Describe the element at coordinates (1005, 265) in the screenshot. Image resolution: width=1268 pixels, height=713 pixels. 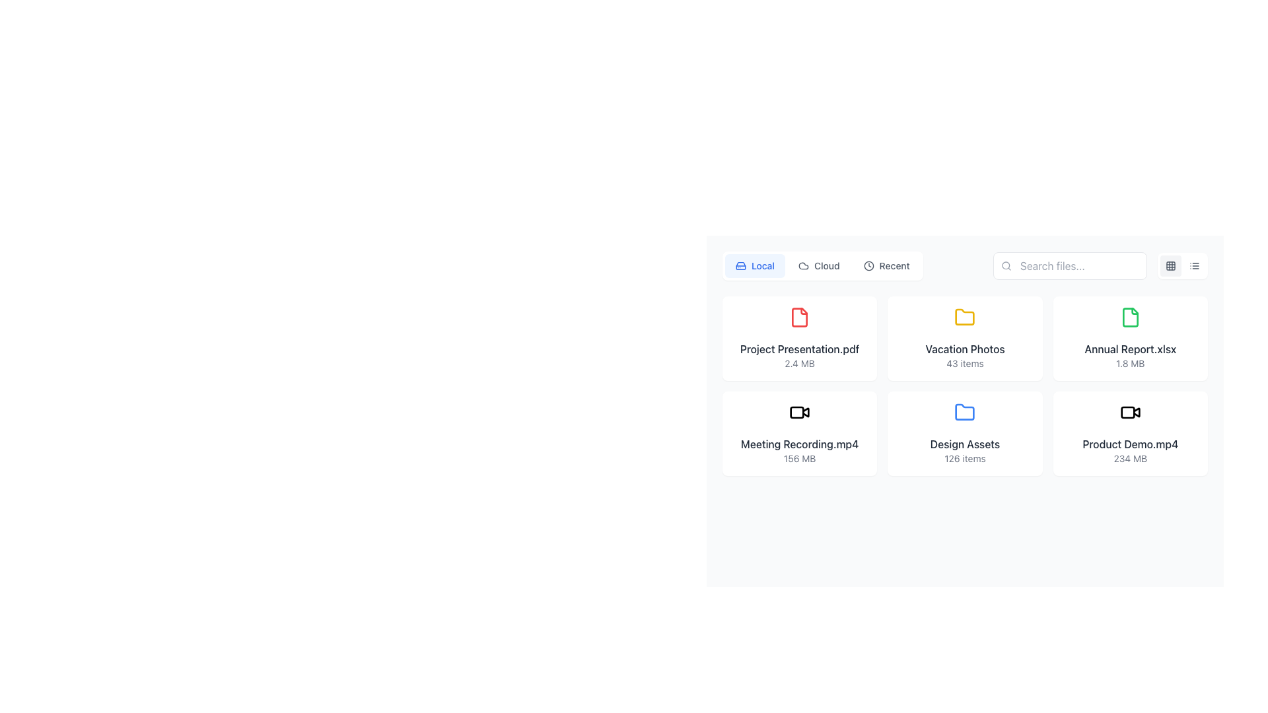
I see `the magnifying glass icon styled as a search symbol located inside the text input field labeled 'Search files...' in the top-right corner of the interface` at that location.